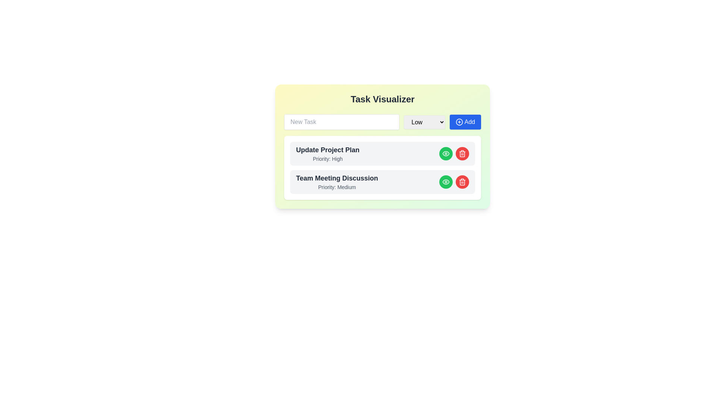  Describe the element at coordinates (327, 159) in the screenshot. I see `the text label that reads 'Priority: High', which is styled in gray and located under the main title 'Update Project Plan' in the first task element of the task list` at that location.